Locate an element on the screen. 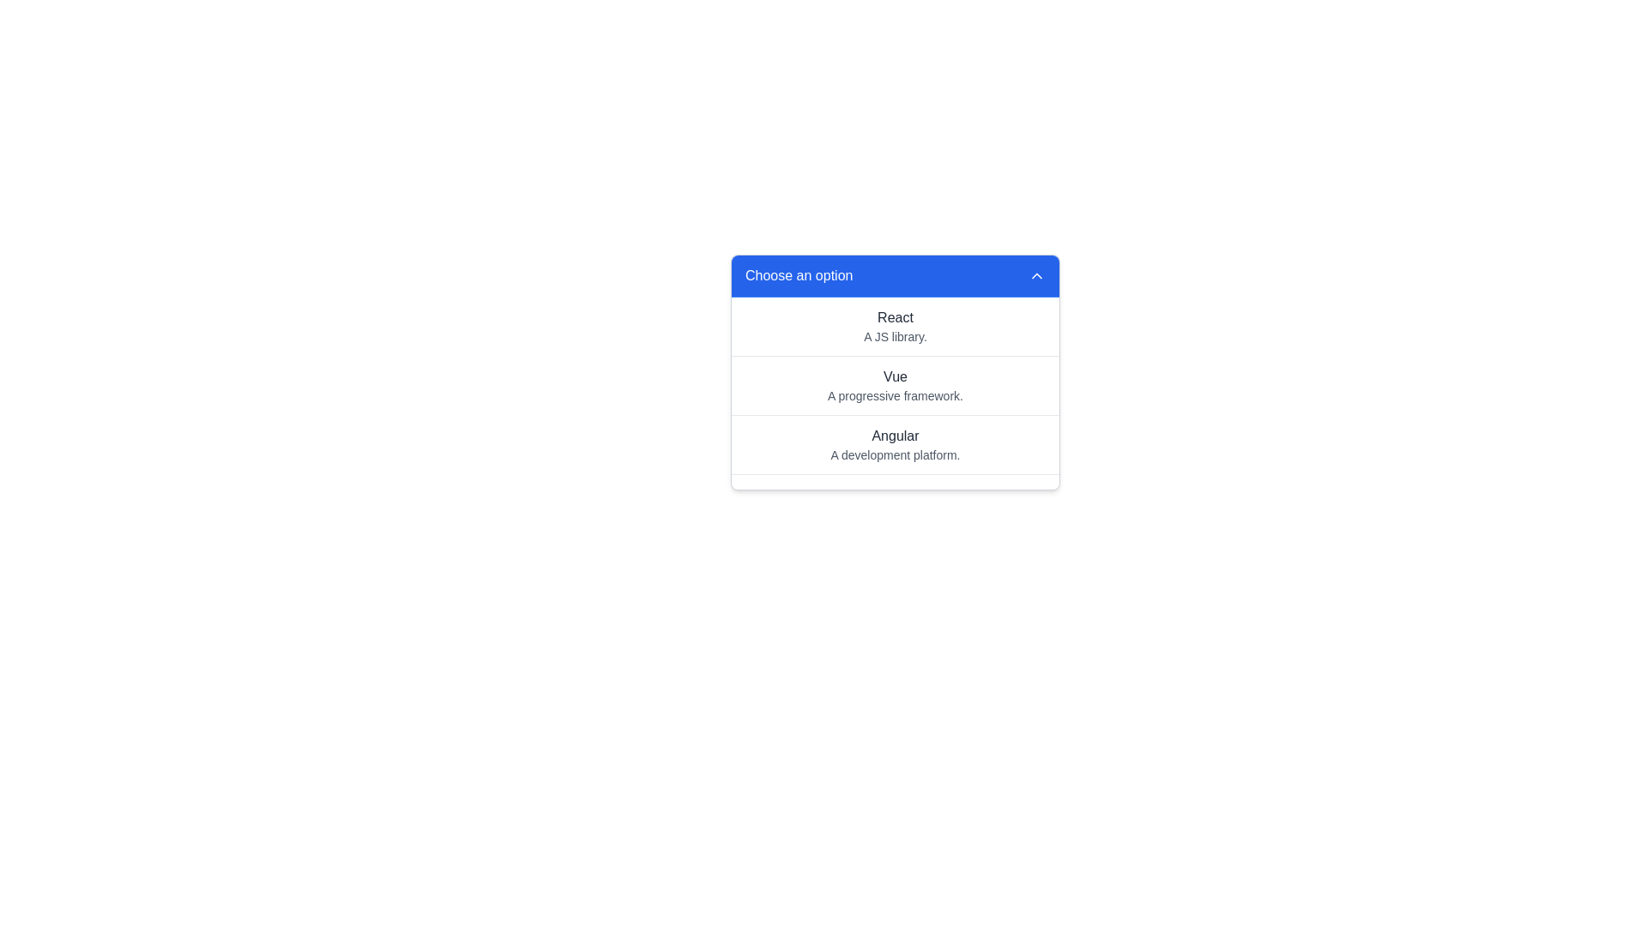  the first item in the dropdown menu that represents the 'React' JavaScript library is located at coordinates (894, 327).